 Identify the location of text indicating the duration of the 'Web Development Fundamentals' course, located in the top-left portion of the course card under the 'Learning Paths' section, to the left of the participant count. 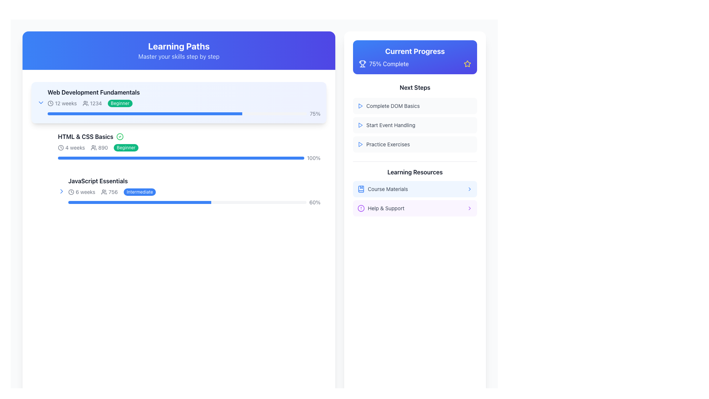
(62, 103).